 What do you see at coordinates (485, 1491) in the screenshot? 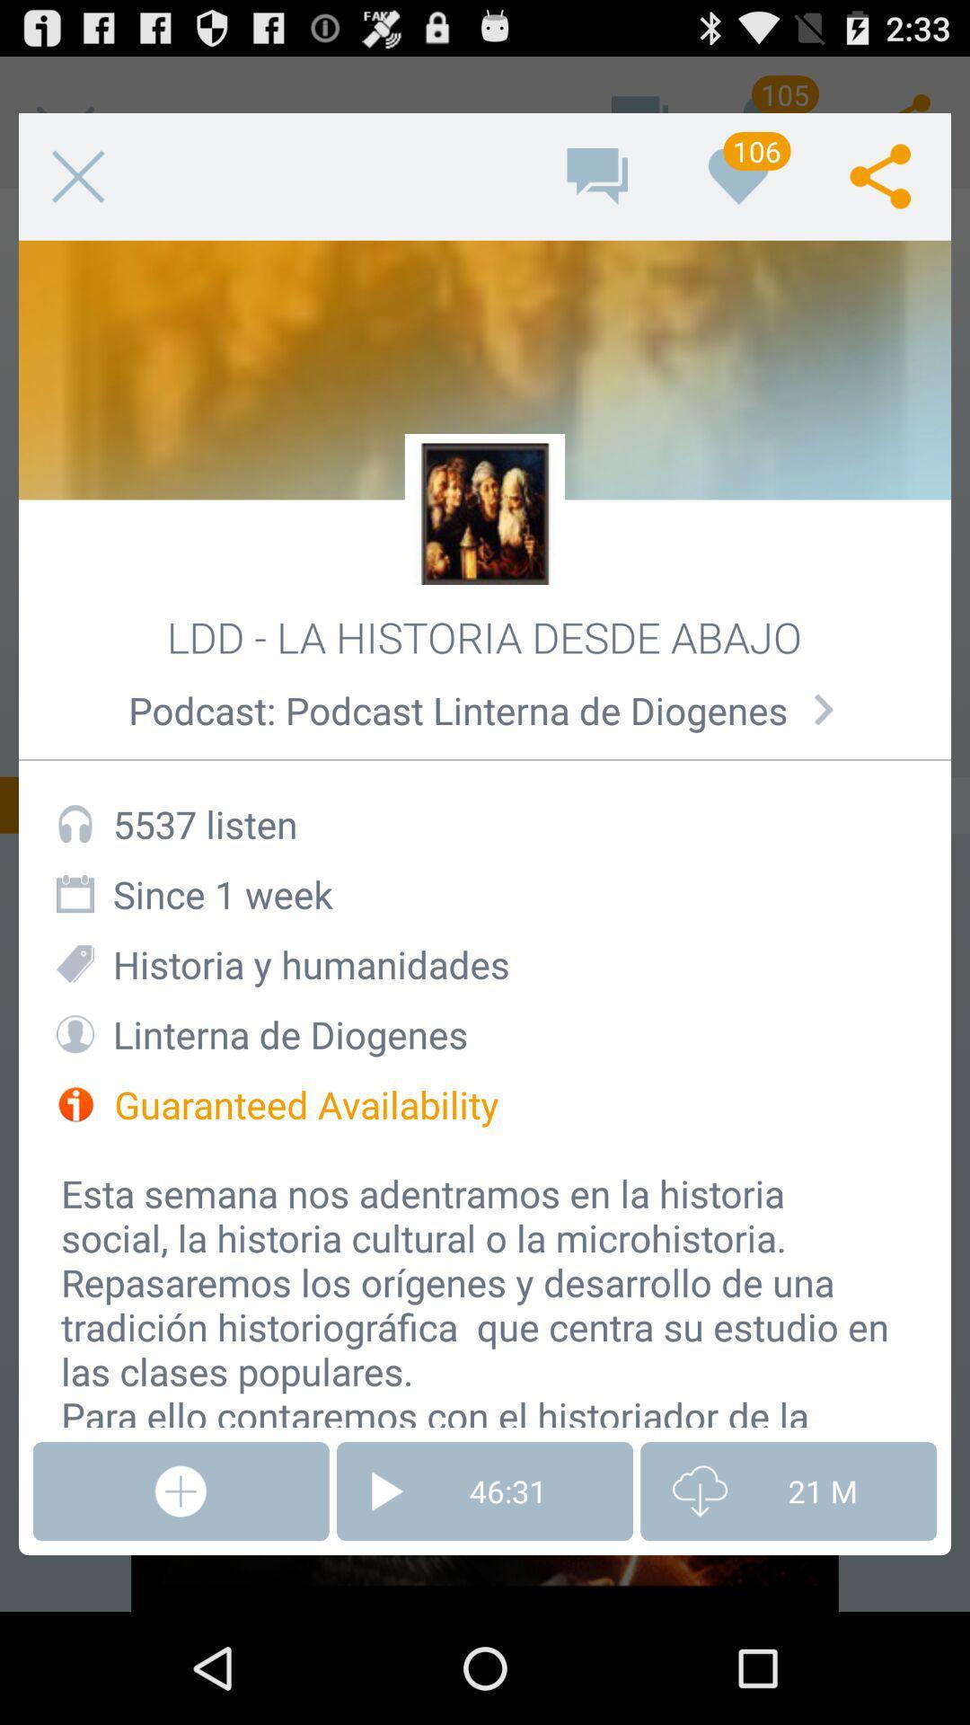
I see `item to the left of the 21 m` at bounding box center [485, 1491].